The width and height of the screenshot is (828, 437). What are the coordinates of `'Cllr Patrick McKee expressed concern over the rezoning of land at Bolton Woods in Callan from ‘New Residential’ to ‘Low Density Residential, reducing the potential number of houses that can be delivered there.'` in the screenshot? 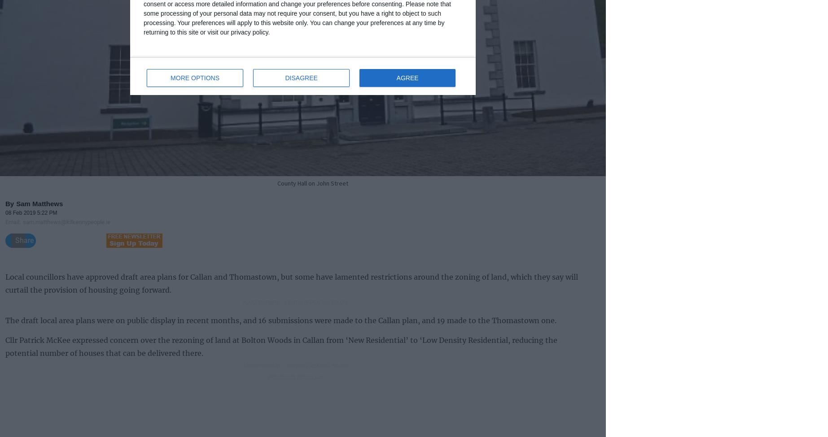 It's located at (5, 346).